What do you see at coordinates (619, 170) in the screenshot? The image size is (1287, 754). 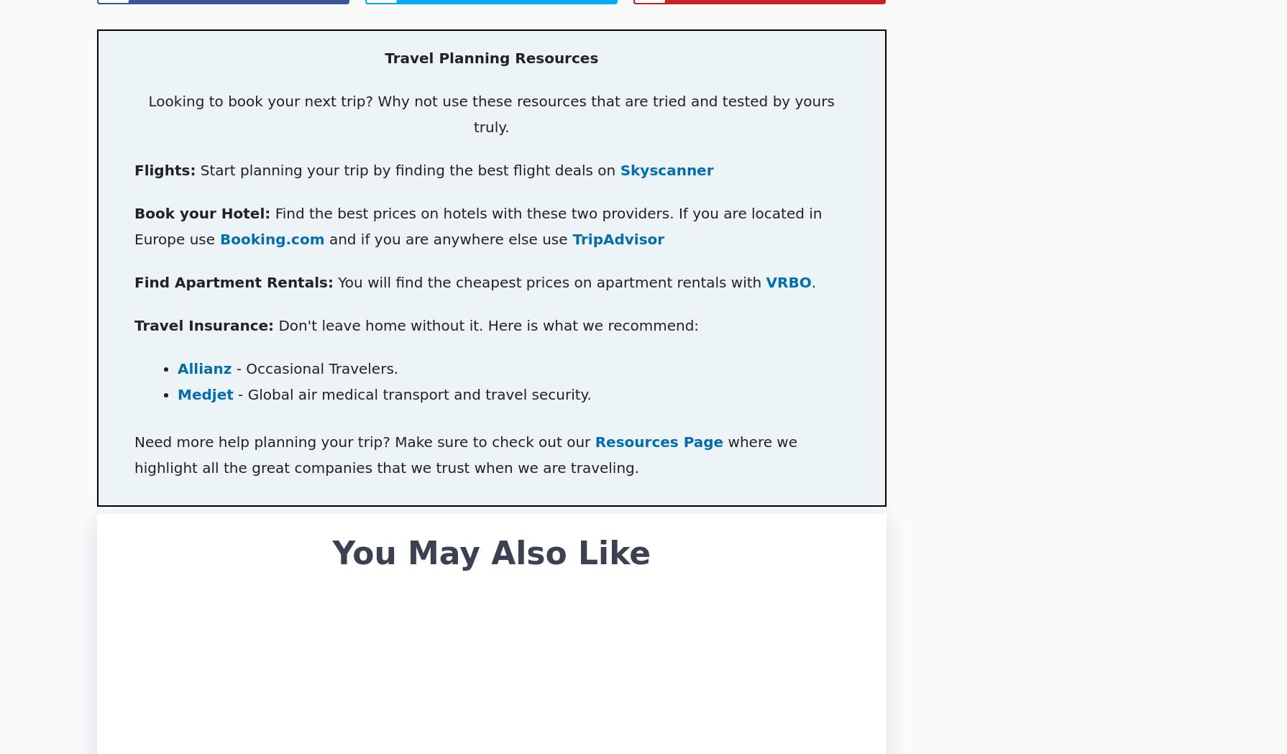 I see `'Skyscanner'` at bounding box center [619, 170].